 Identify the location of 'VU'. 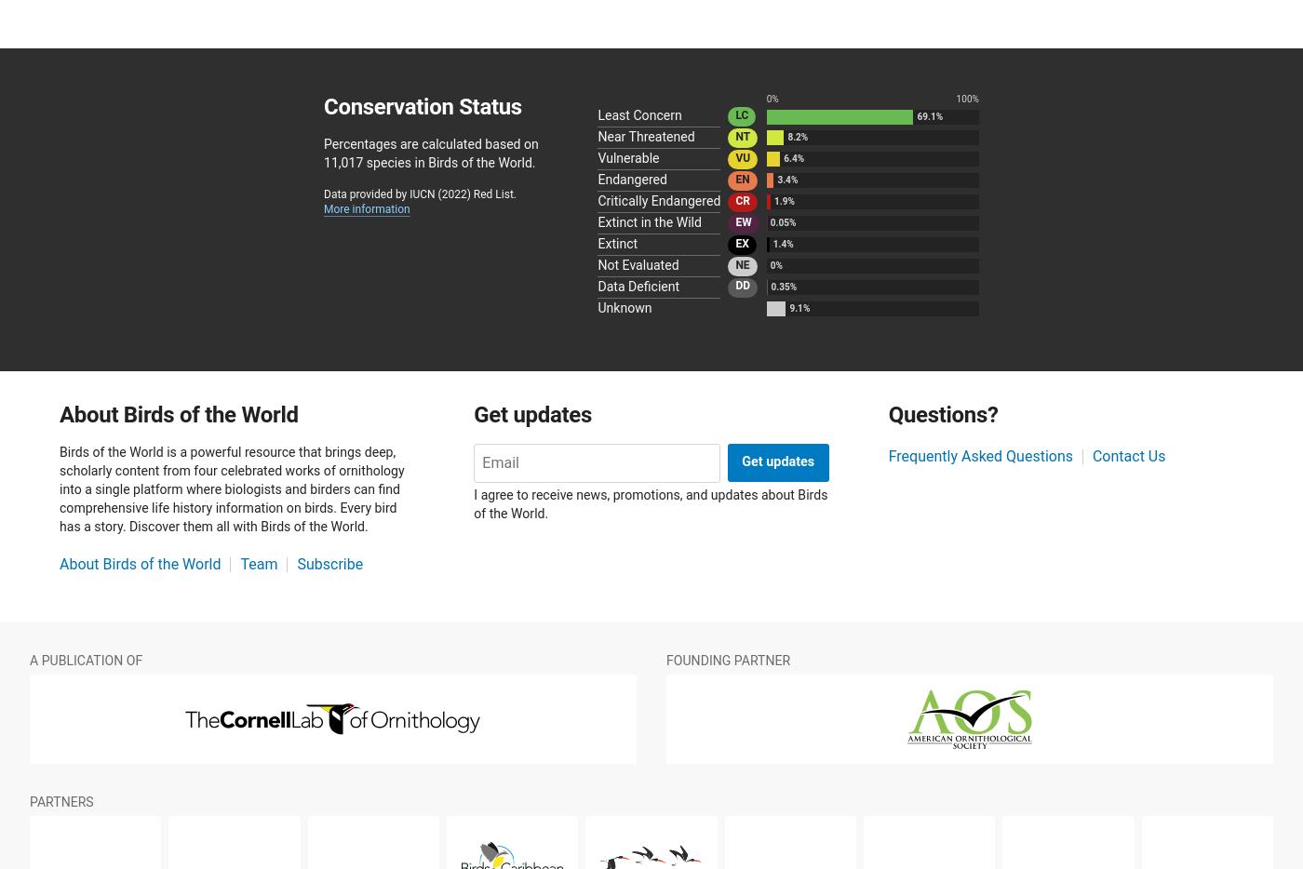
(742, 156).